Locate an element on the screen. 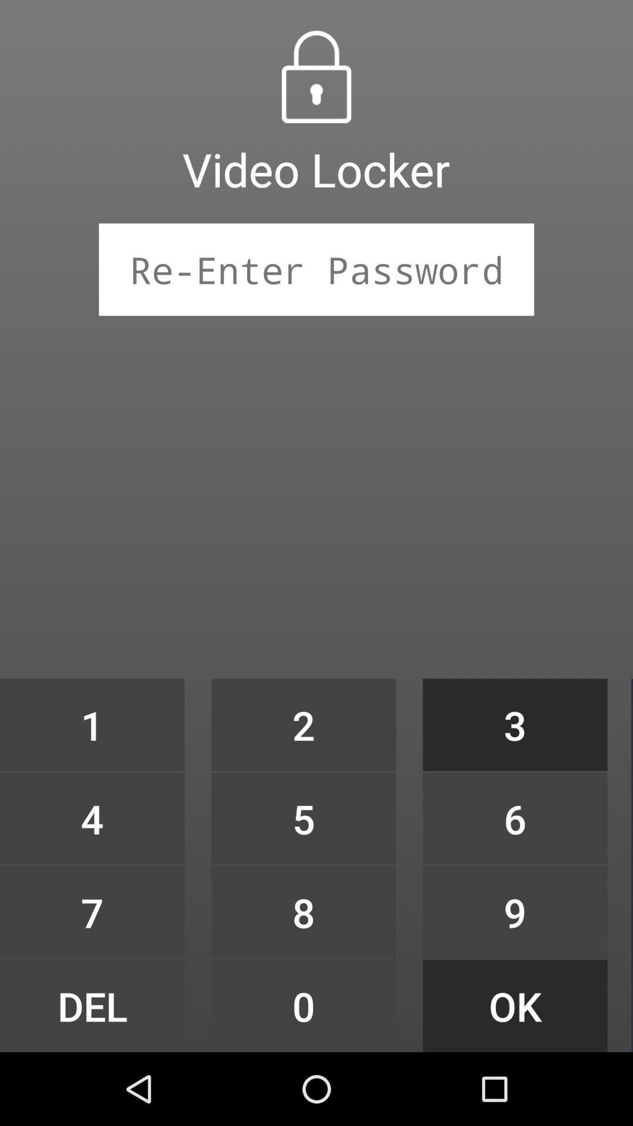  icon above 4 is located at coordinates (91, 724).